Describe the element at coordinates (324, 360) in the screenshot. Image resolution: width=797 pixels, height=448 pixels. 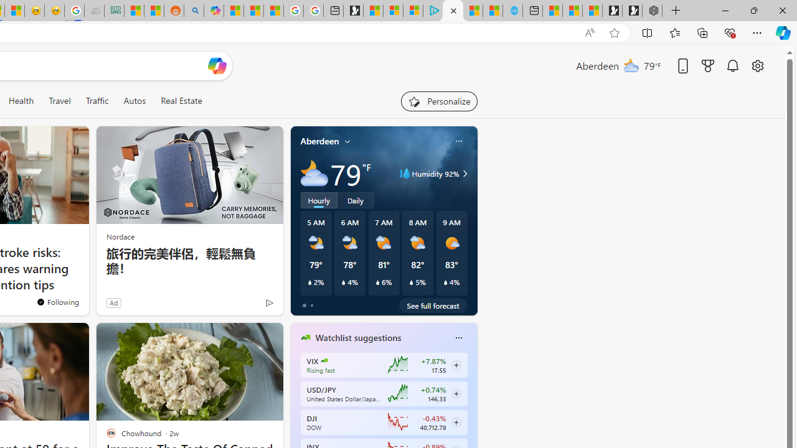
I see `'CBOE Market Volatility Index'` at that location.